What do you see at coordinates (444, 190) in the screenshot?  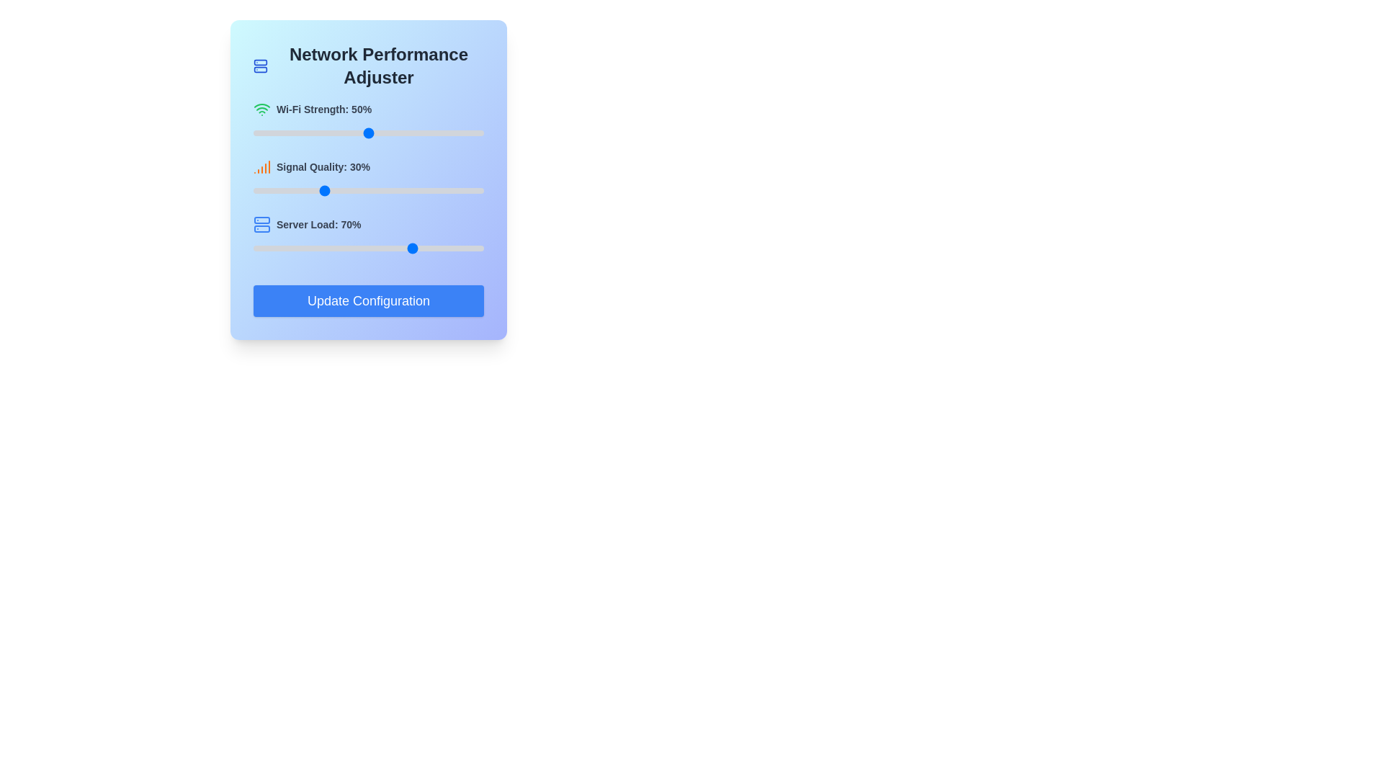 I see `the signal quality` at bounding box center [444, 190].